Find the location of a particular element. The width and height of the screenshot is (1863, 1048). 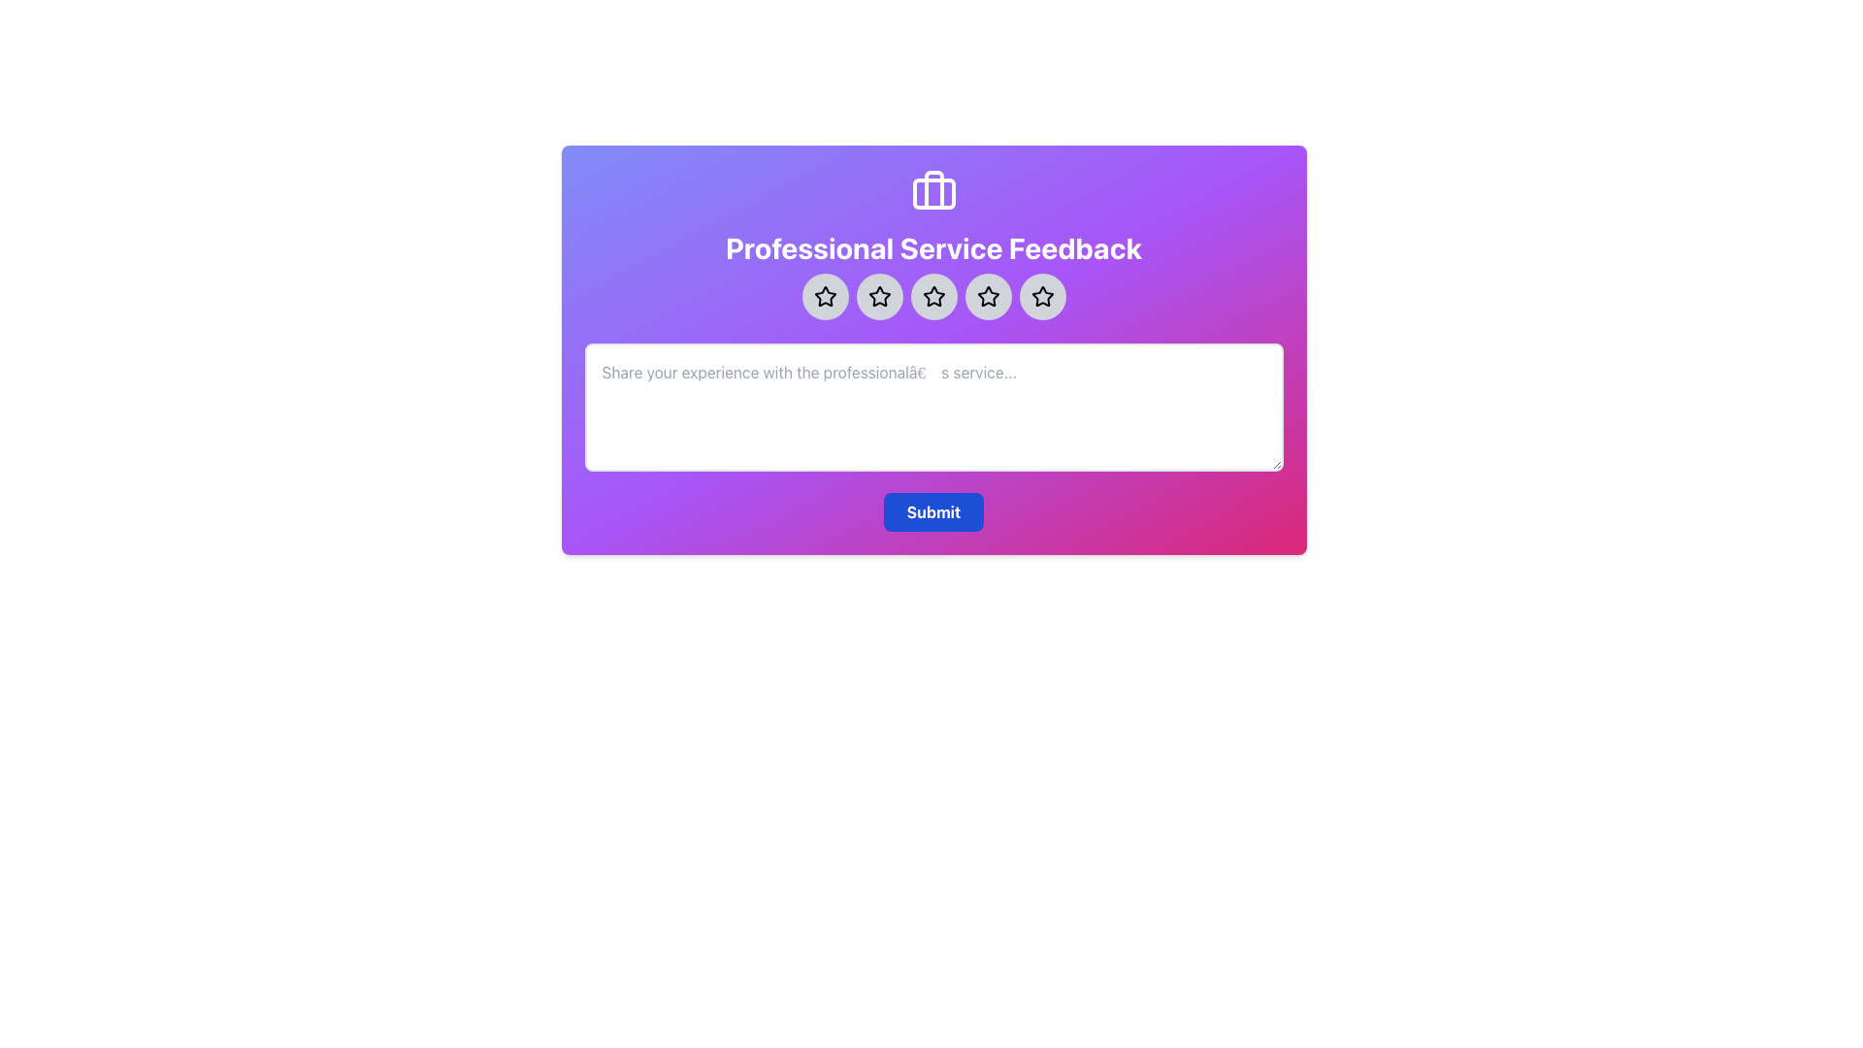

the briefcase icon with a white outline located at the top center of the feedback interface, positioned above the 'Professional Service Feedback' title is located at coordinates (933, 191).